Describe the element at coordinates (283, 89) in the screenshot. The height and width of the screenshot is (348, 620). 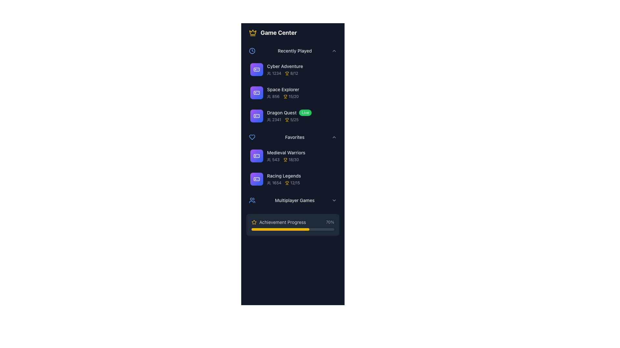
I see `the text label displaying the game name 'Space Explorer' located in the 'Recently Played' section of the 'Game Center' interface` at that location.